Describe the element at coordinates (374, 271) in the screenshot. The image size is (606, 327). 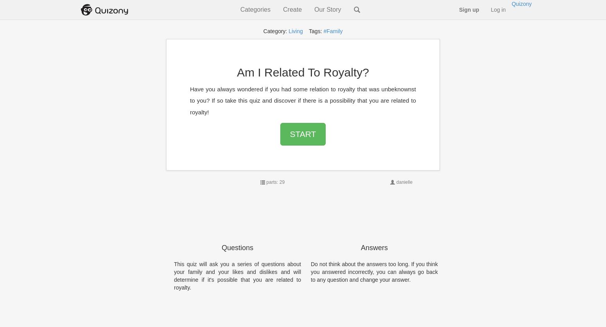
I see `'Do not think about the answers too long. If you think you answered incorrectly, you can always go back to any question and change your answer.'` at that location.